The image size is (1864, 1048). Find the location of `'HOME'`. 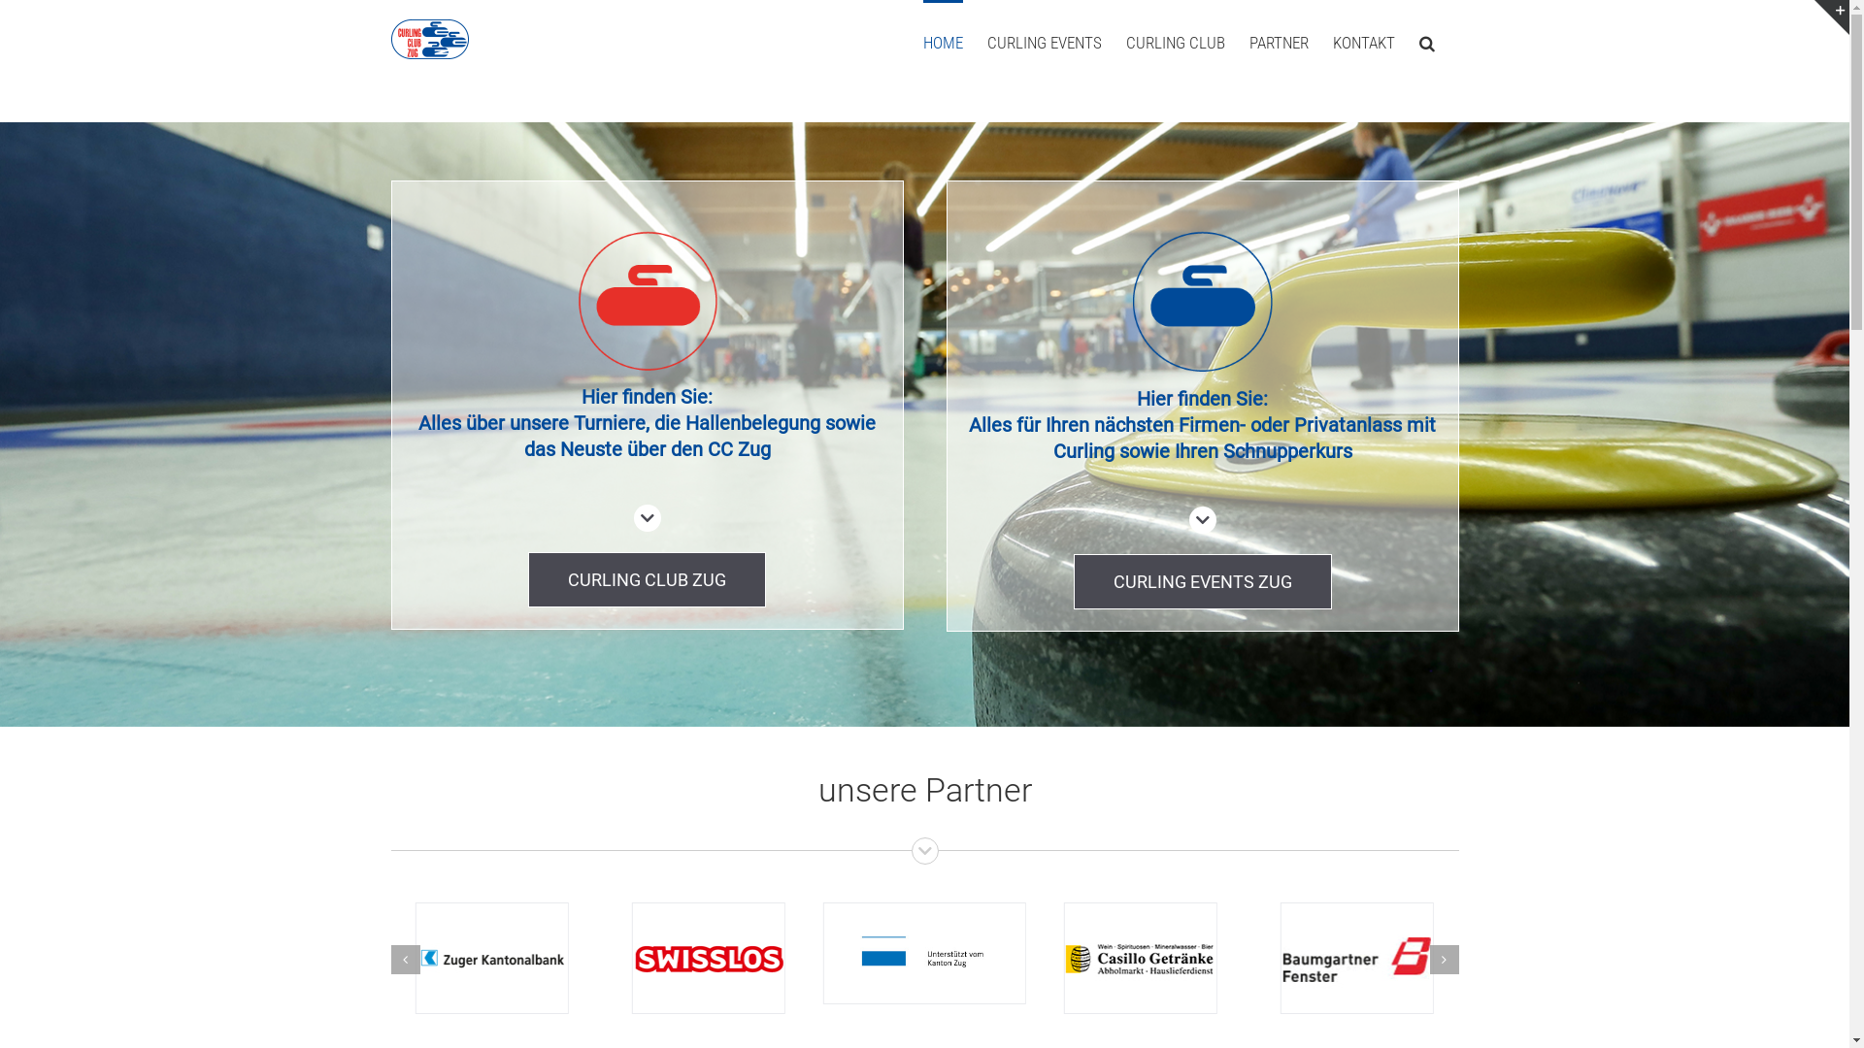

'HOME' is located at coordinates (942, 41).